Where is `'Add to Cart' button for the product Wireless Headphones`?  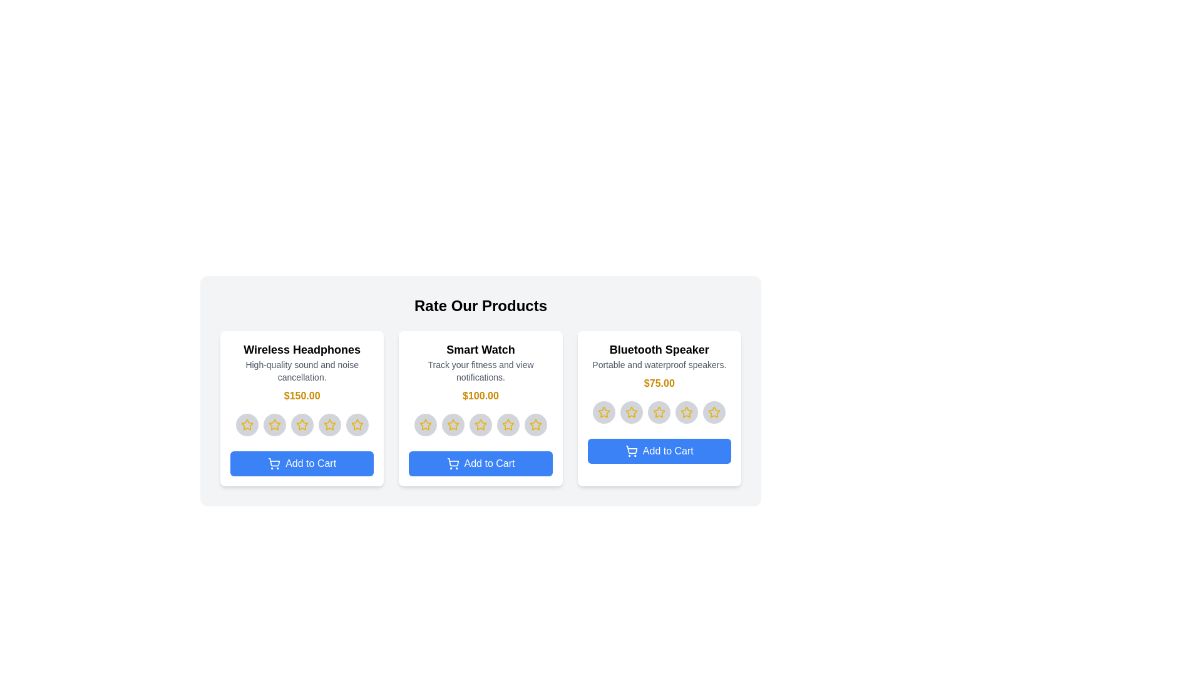
'Add to Cart' button for the product Wireless Headphones is located at coordinates (302, 463).